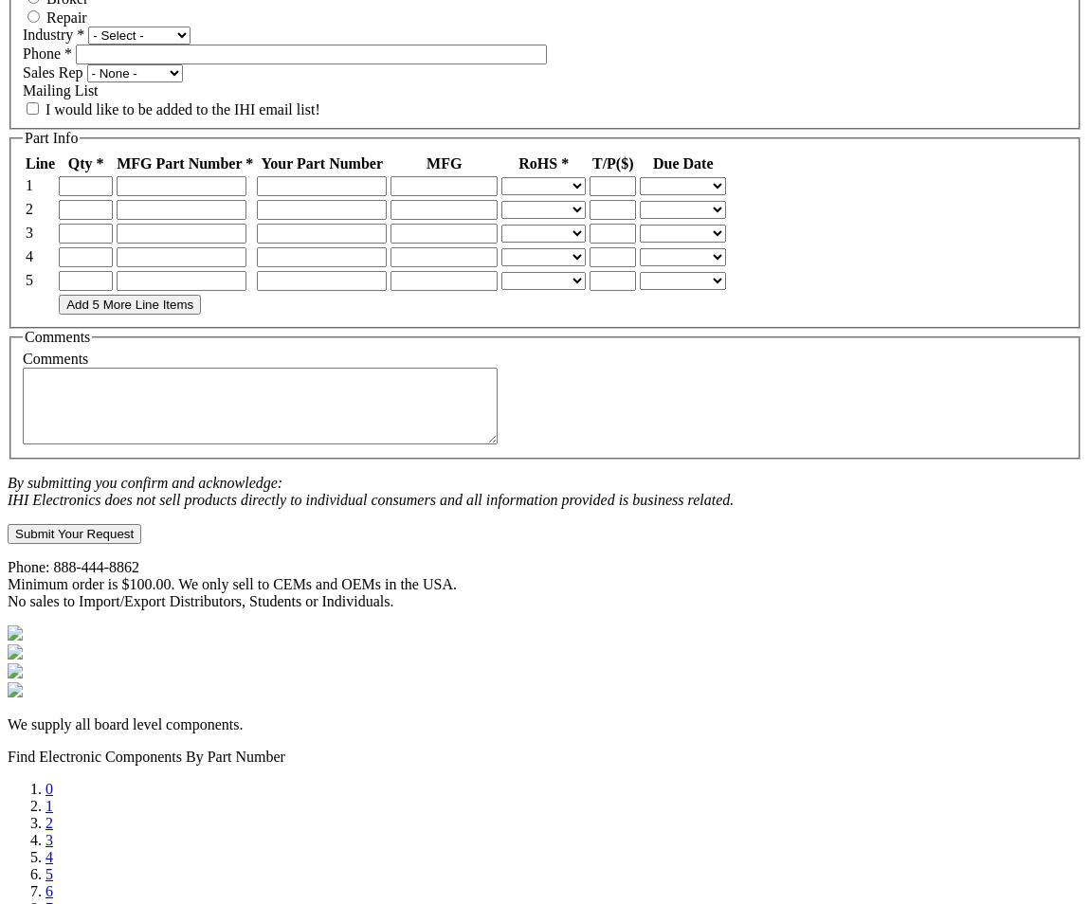 The image size is (1090, 904). Describe the element at coordinates (47, 788) in the screenshot. I see `'0'` at that location.